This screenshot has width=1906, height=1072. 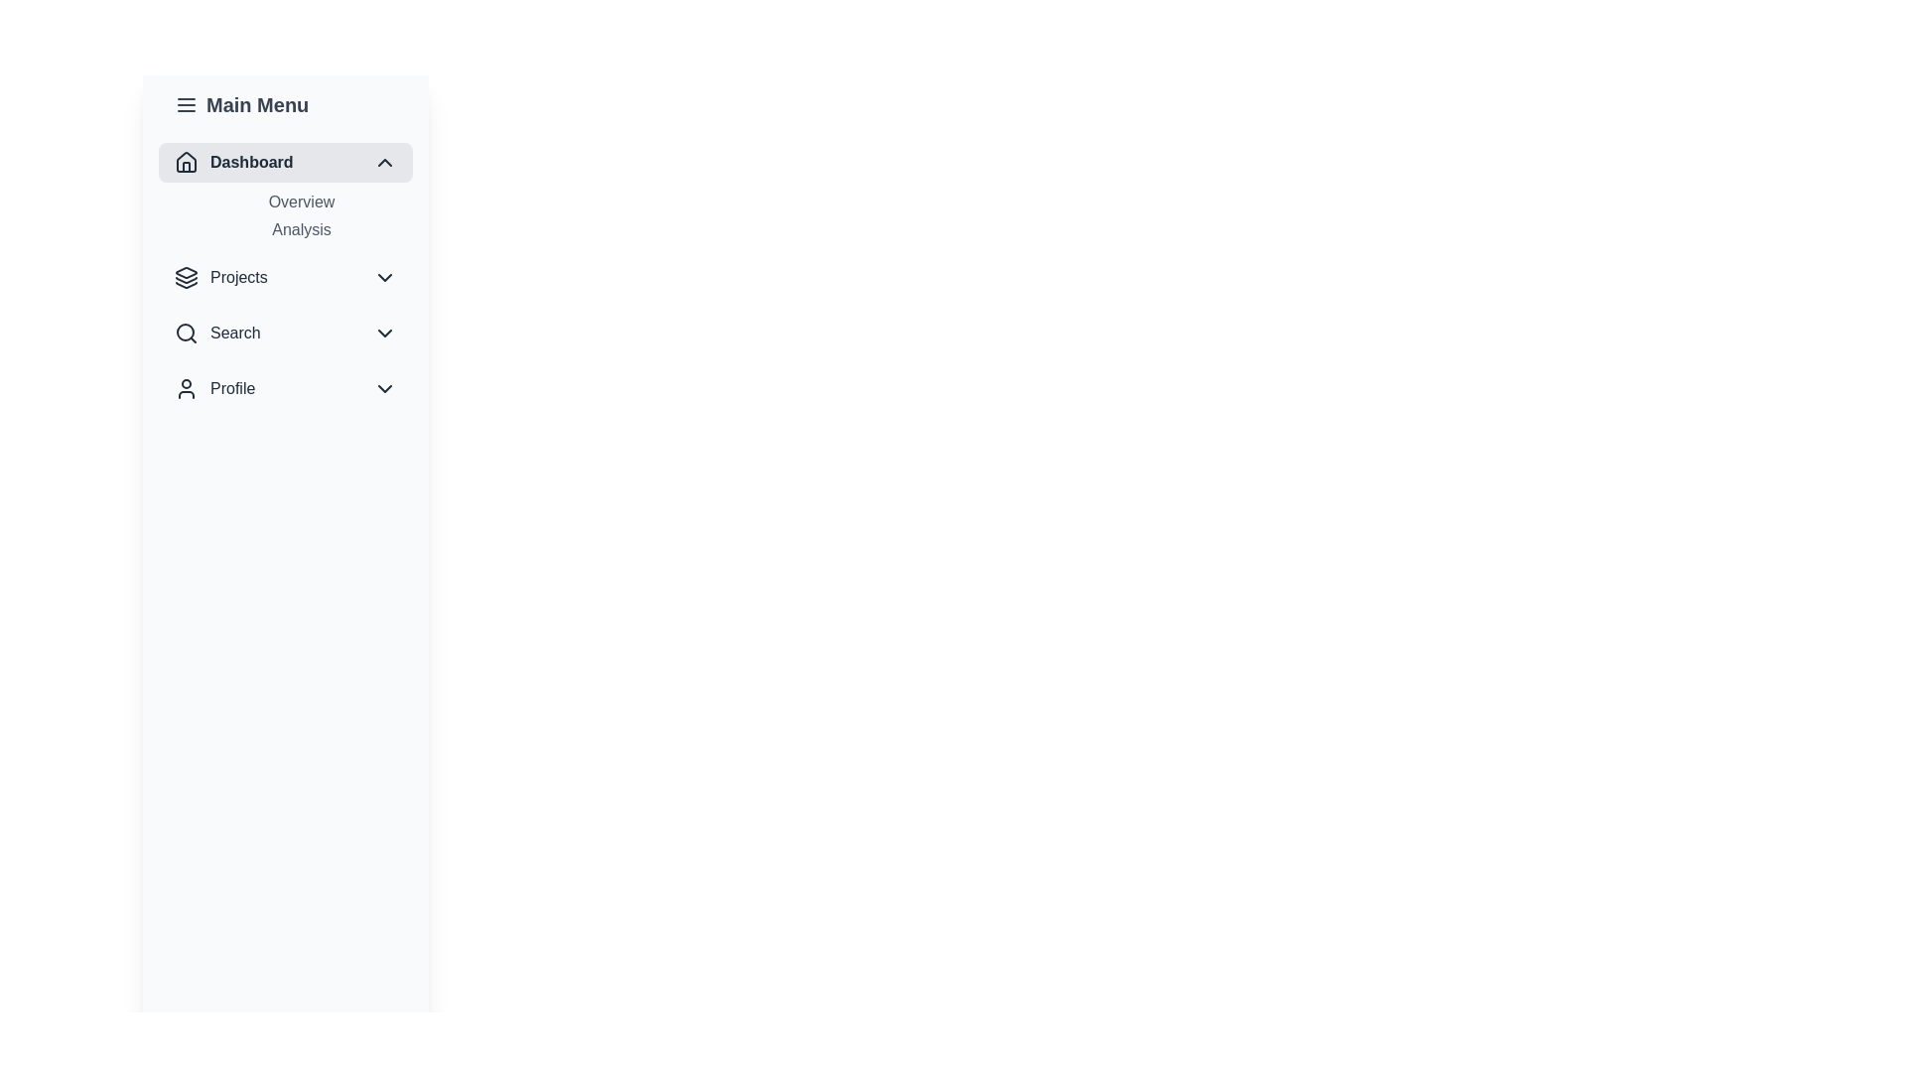 What do you see at coordinates (285, 216) in the screenshot?
I see `the 'Overview' and 'Analysis' labels in the left-side menu under the 'Dashboard' section` at bounding box center [285, 216].